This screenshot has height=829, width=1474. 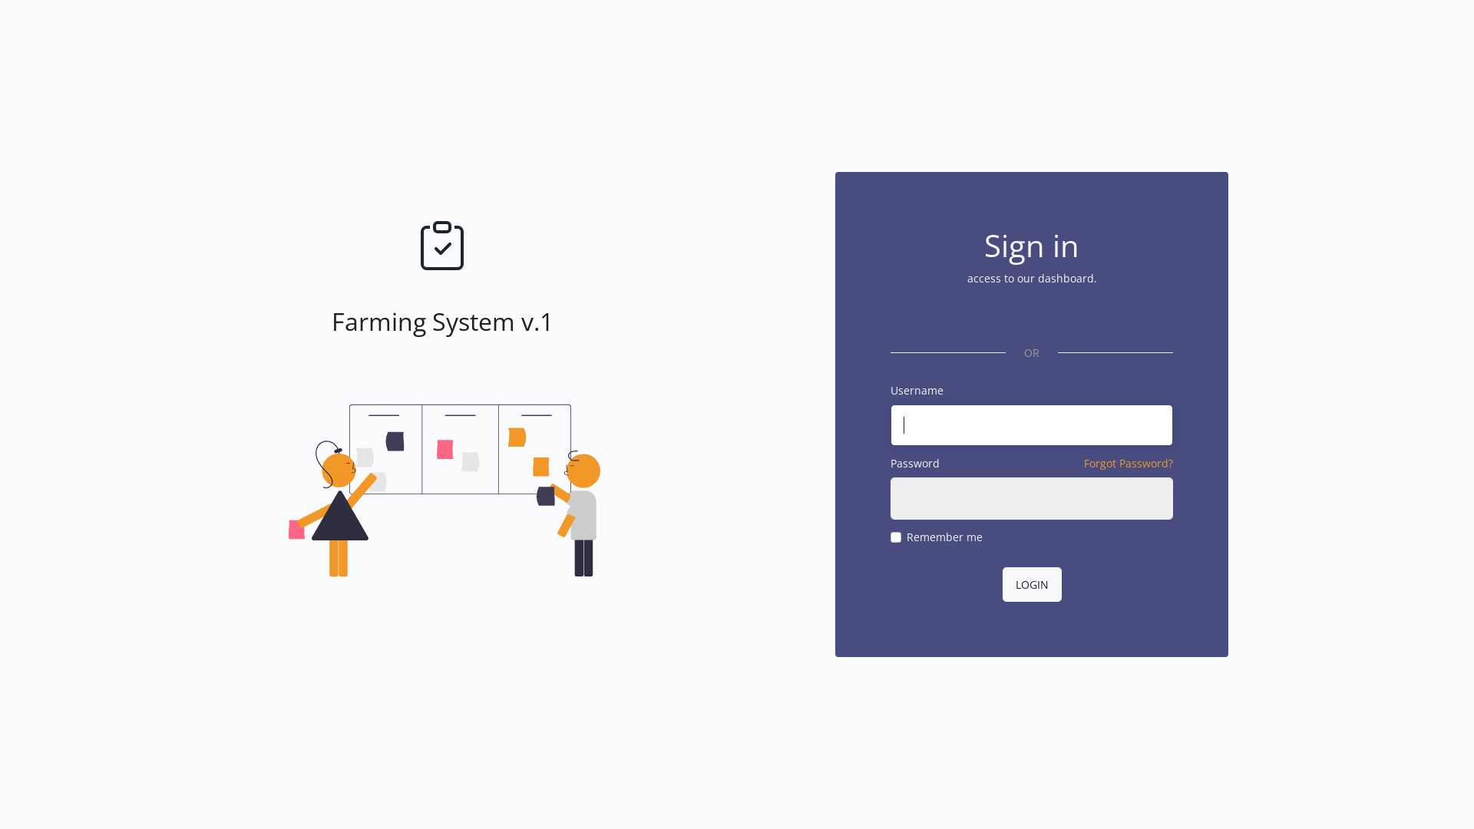 What do you see at coordinates (1032, 584) in the screenshot?
I see `'LOGIN'` at bounding box center [1032, 584].